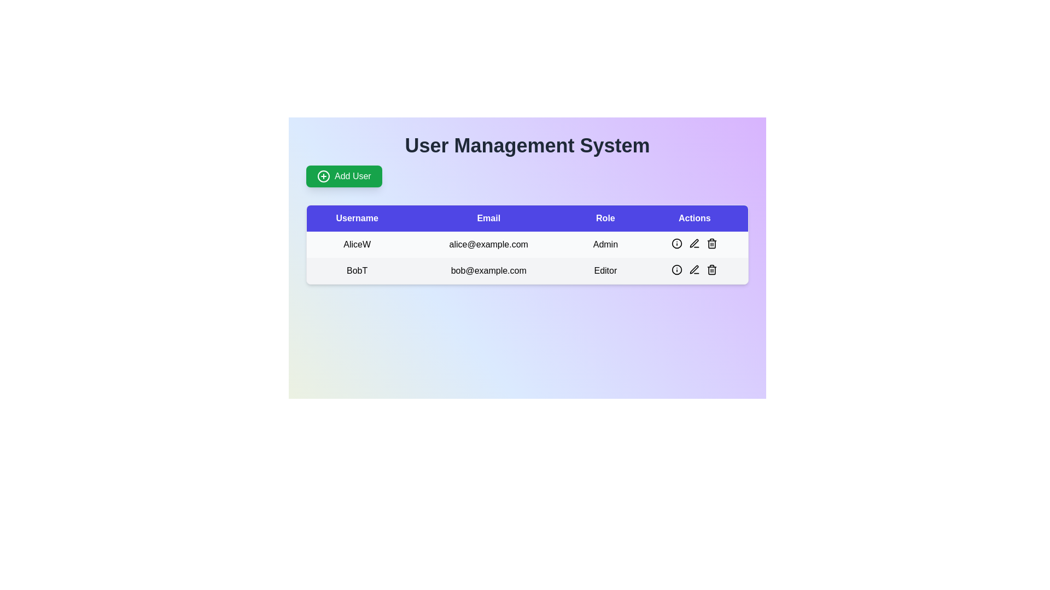  What do you see at coordinates (694, 243) in the screenshot?
I see `the edit button located` at bounding box center [694, 243].